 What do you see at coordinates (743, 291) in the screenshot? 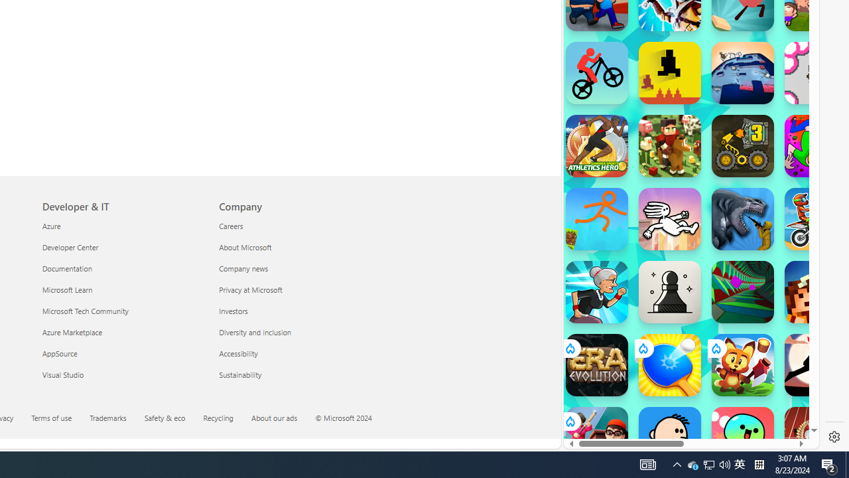
I see `'Tunnel Rush Tunnel Rush'` at bounding box center [743, 291].